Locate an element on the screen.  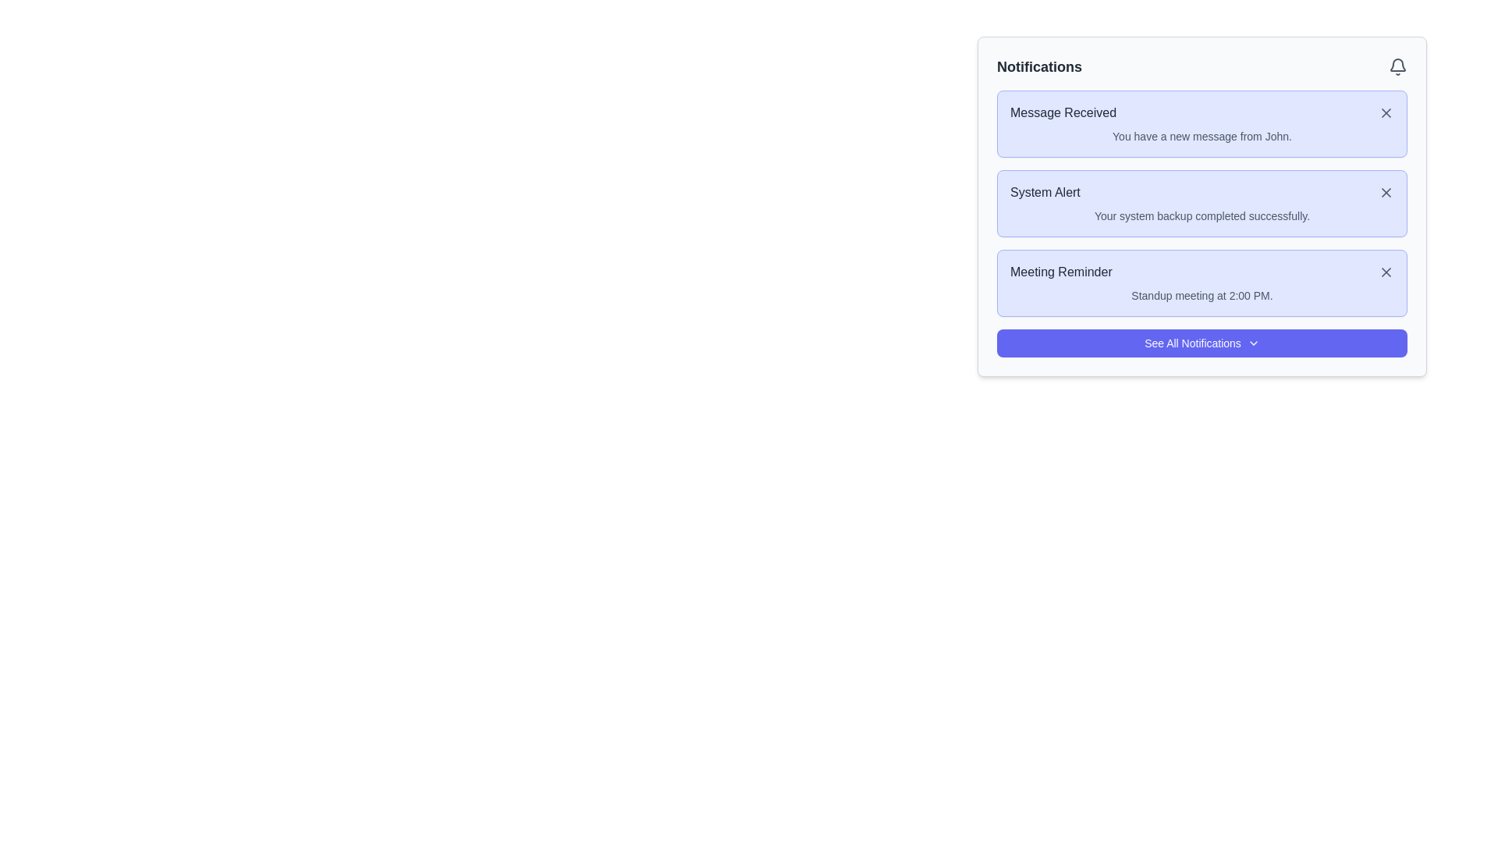
the dismiss button represented by a gray 'X' icon located at the far right of the 'System Alert' notification card is located at coordinates (1386, 191).